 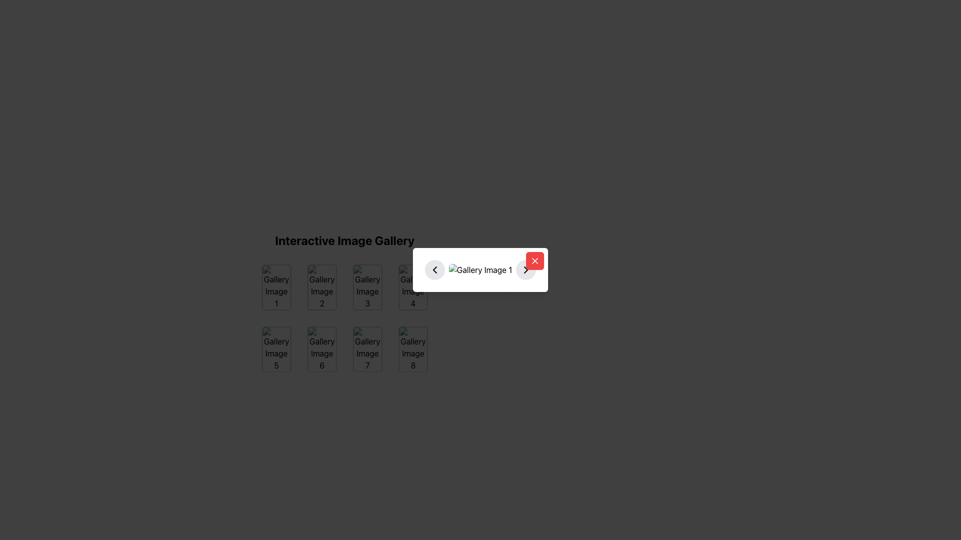 I want to click on the zoom in Icon Button located centrally within the darkened overlay, so click(x=413, y=287).